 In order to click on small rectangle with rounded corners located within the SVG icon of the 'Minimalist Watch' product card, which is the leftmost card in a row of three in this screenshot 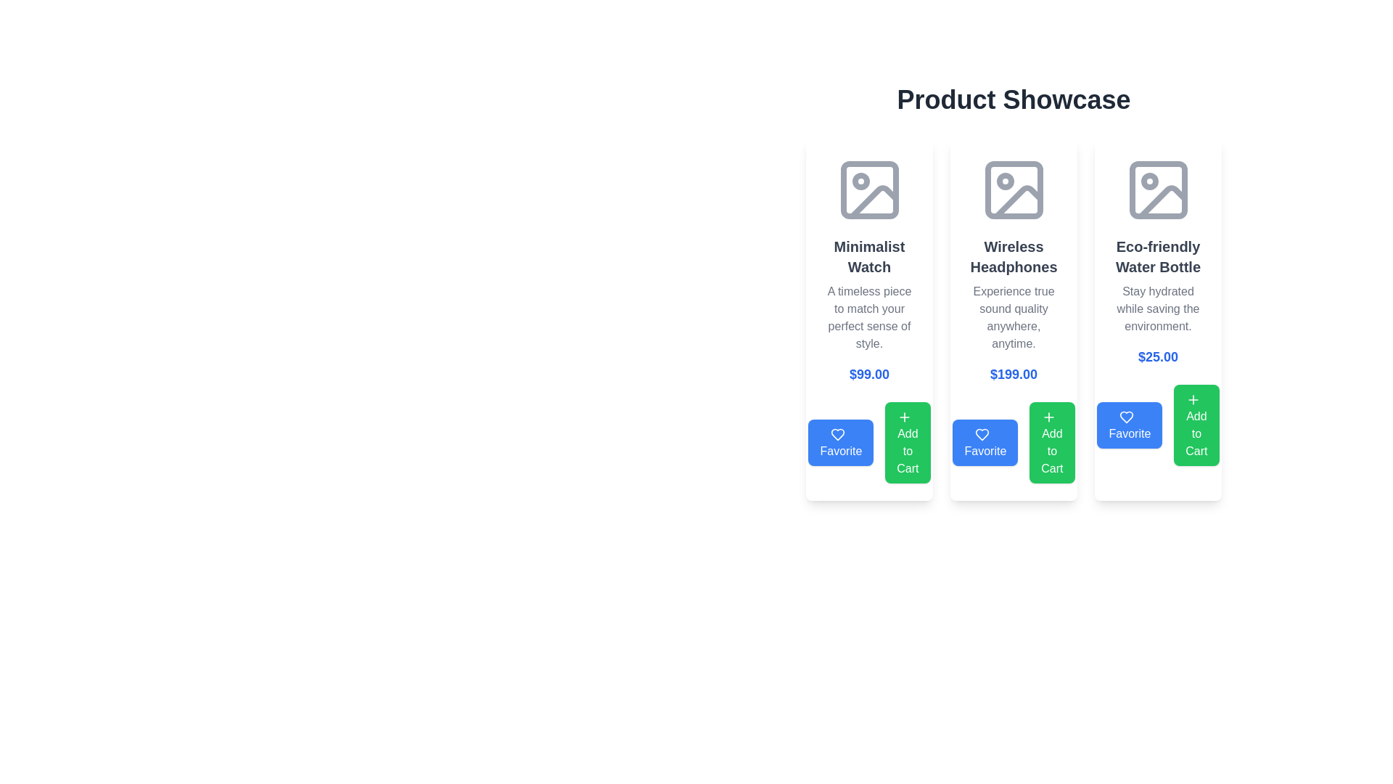, I will do `click(869, 189)`.